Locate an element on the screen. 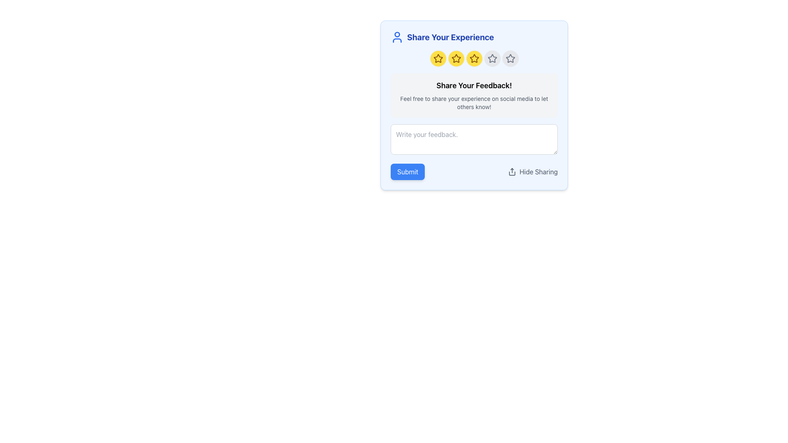 The width and height of the screenshot is (788, 443). the third star is located at coordinates (474, 58).